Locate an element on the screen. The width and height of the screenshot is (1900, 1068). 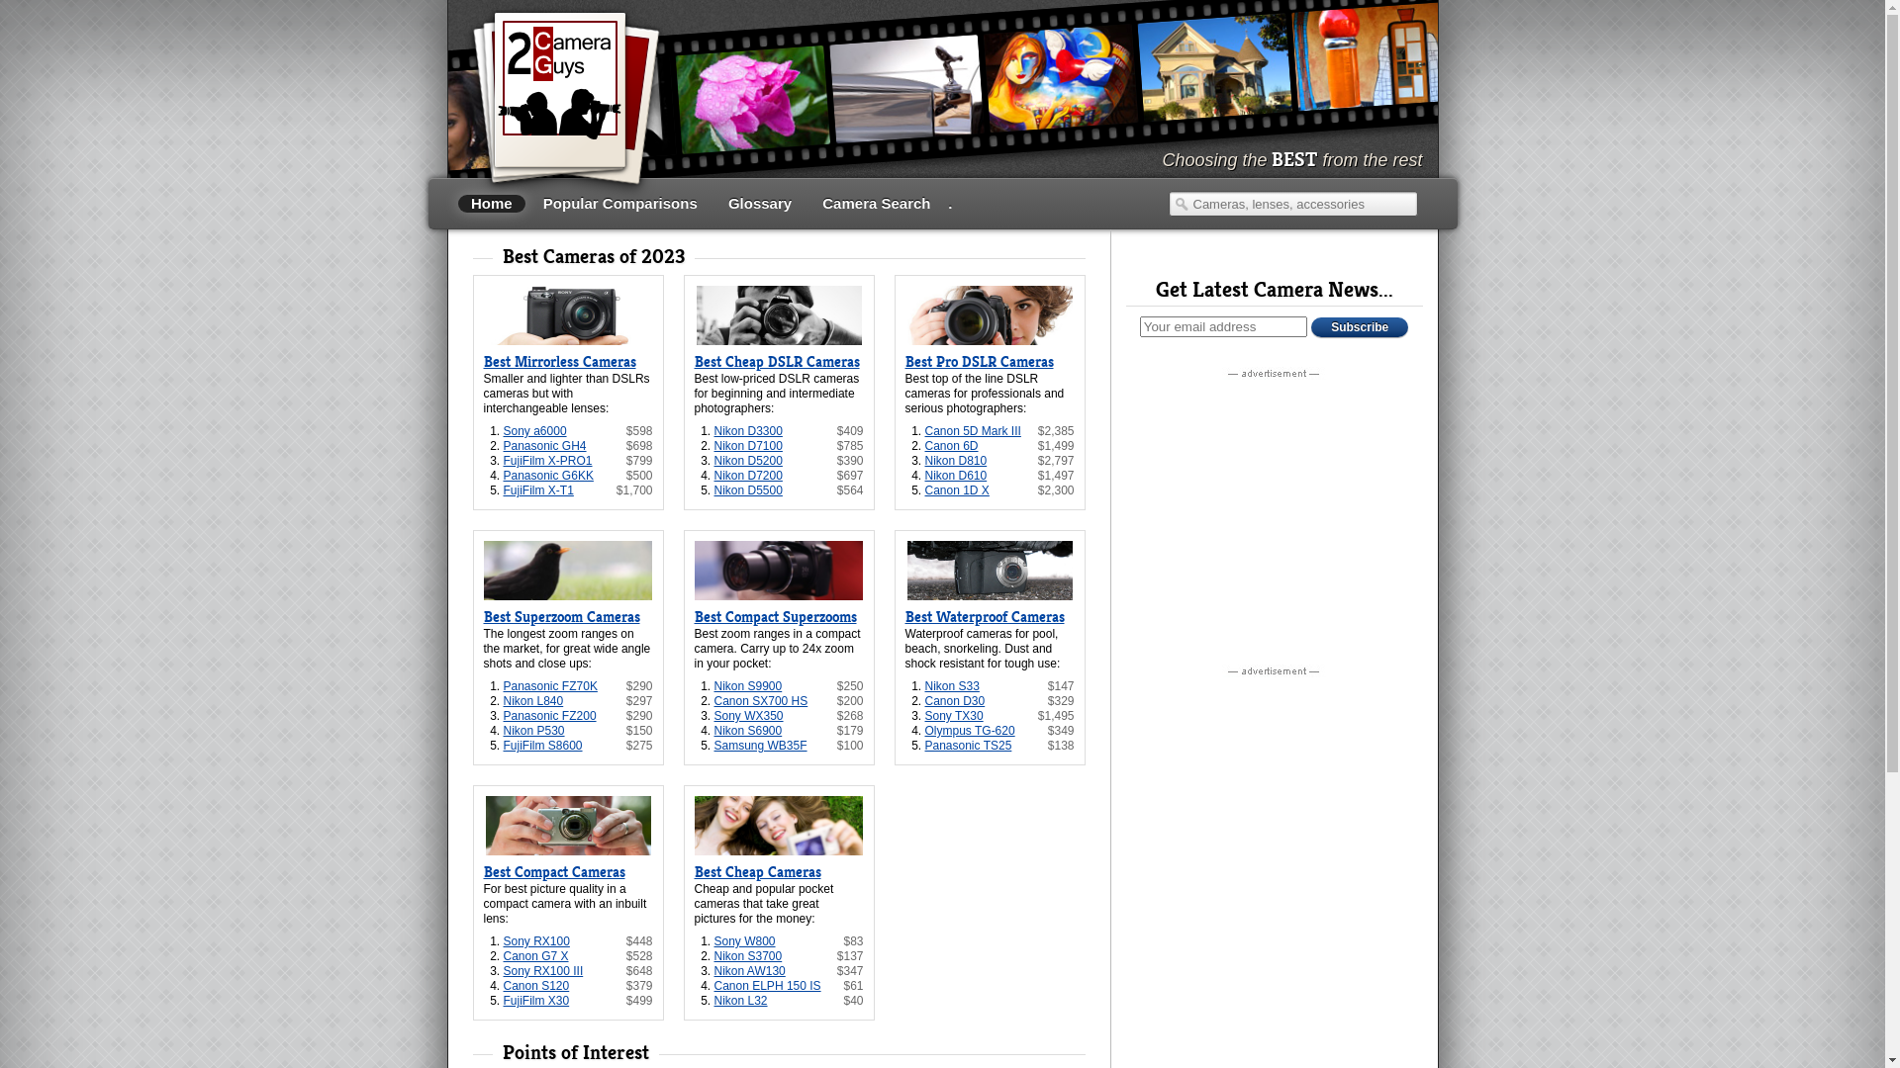
'Nikon L32' is located at coordinates (739, 1000).